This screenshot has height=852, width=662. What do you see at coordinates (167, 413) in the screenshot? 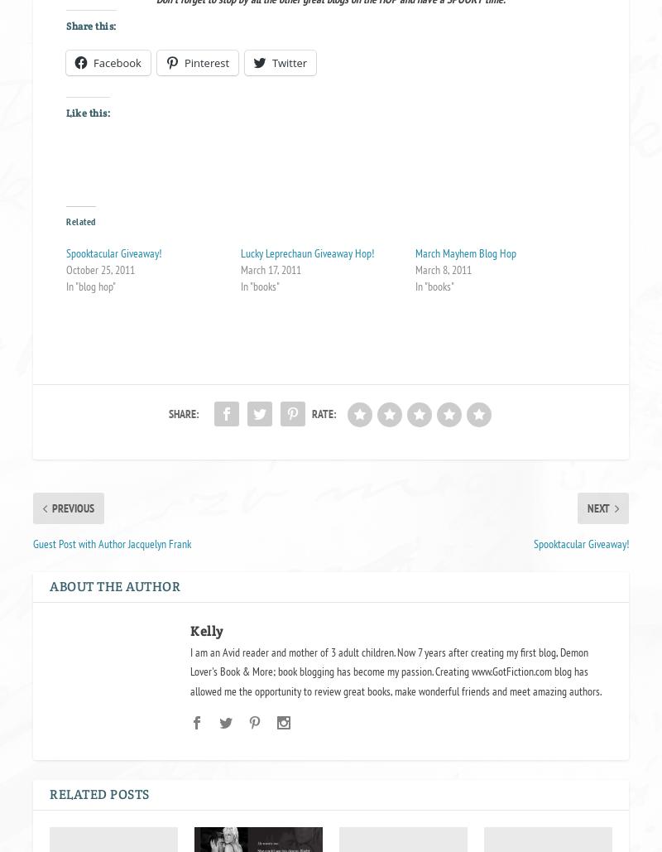
I see `'Share:'` at bounding box center [167, 413].